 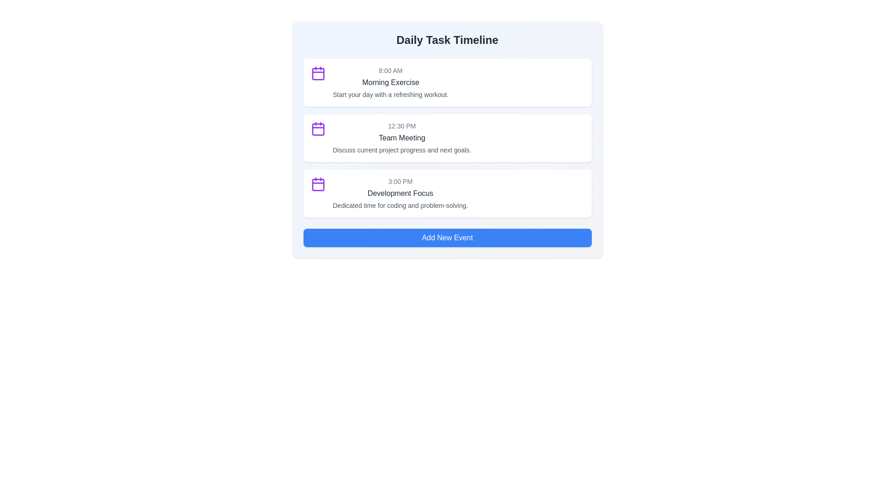 What do you see at coordinates (318, 128) in the screenshot?
I see `the scheduled meeting icon for the task card labeled '12:30 PM - Team Meeting', located at the top-left corner of the card` at bounding box center [318, 128].